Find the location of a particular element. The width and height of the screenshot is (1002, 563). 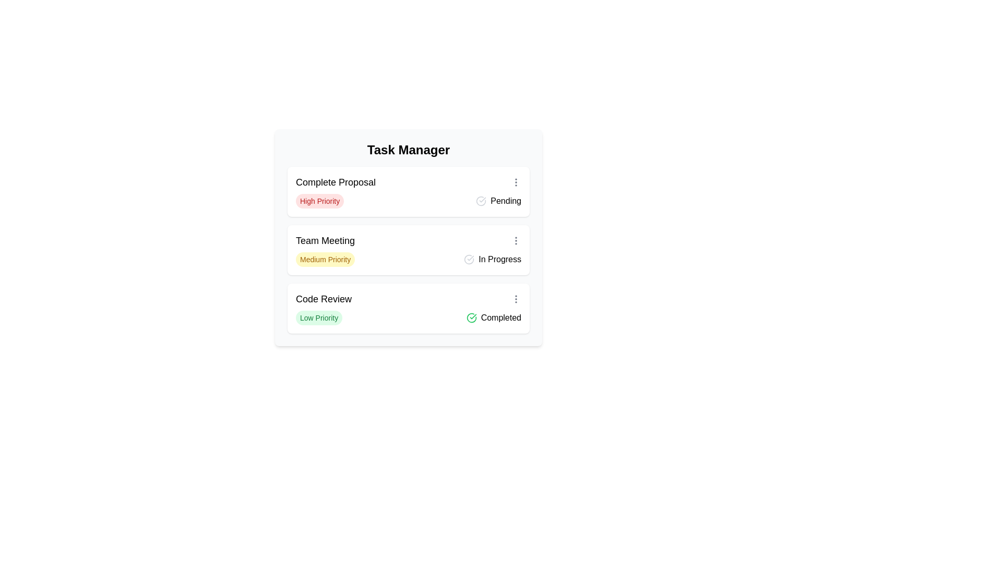

the 'High Priority' and 'Pending' labels in the task card under 'Complete Proposal' is located at coordinates (408, 201).